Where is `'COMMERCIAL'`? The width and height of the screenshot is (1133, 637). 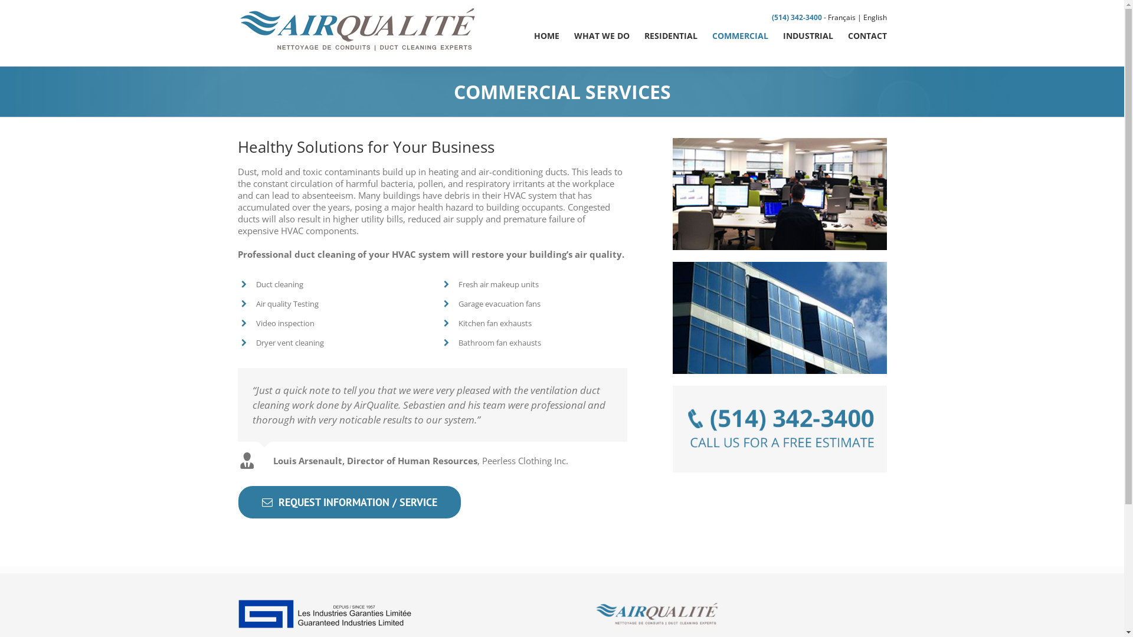
'COMMERCIAL' is located at coordinates (710, 34).